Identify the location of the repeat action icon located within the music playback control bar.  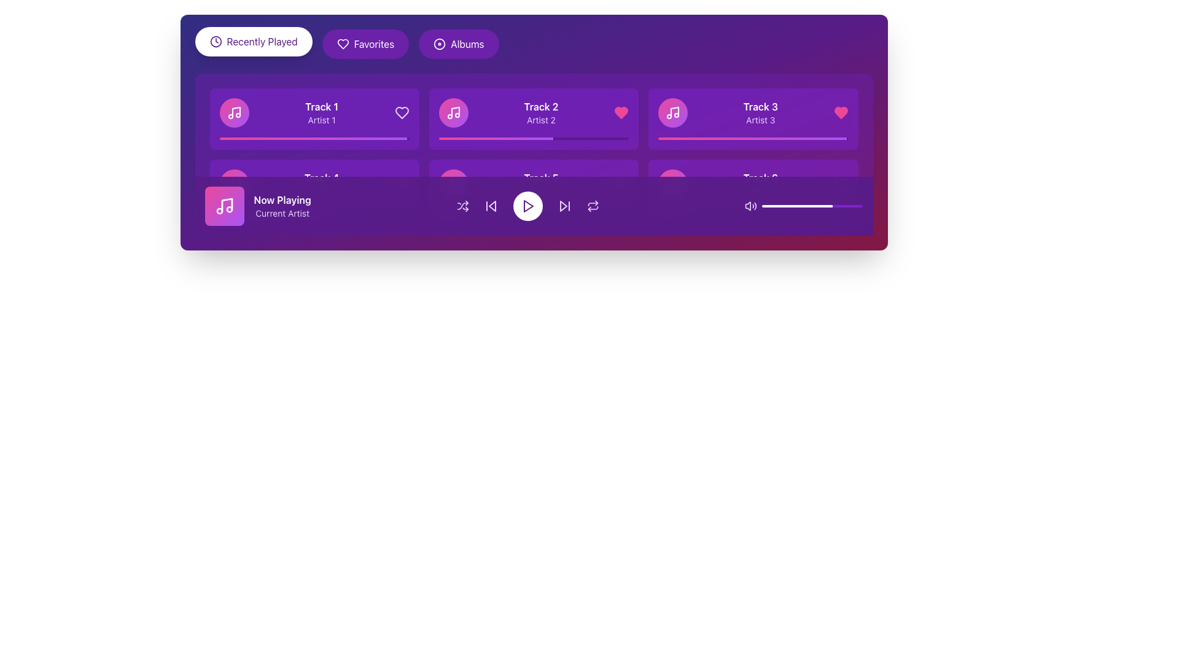
(593, 207).